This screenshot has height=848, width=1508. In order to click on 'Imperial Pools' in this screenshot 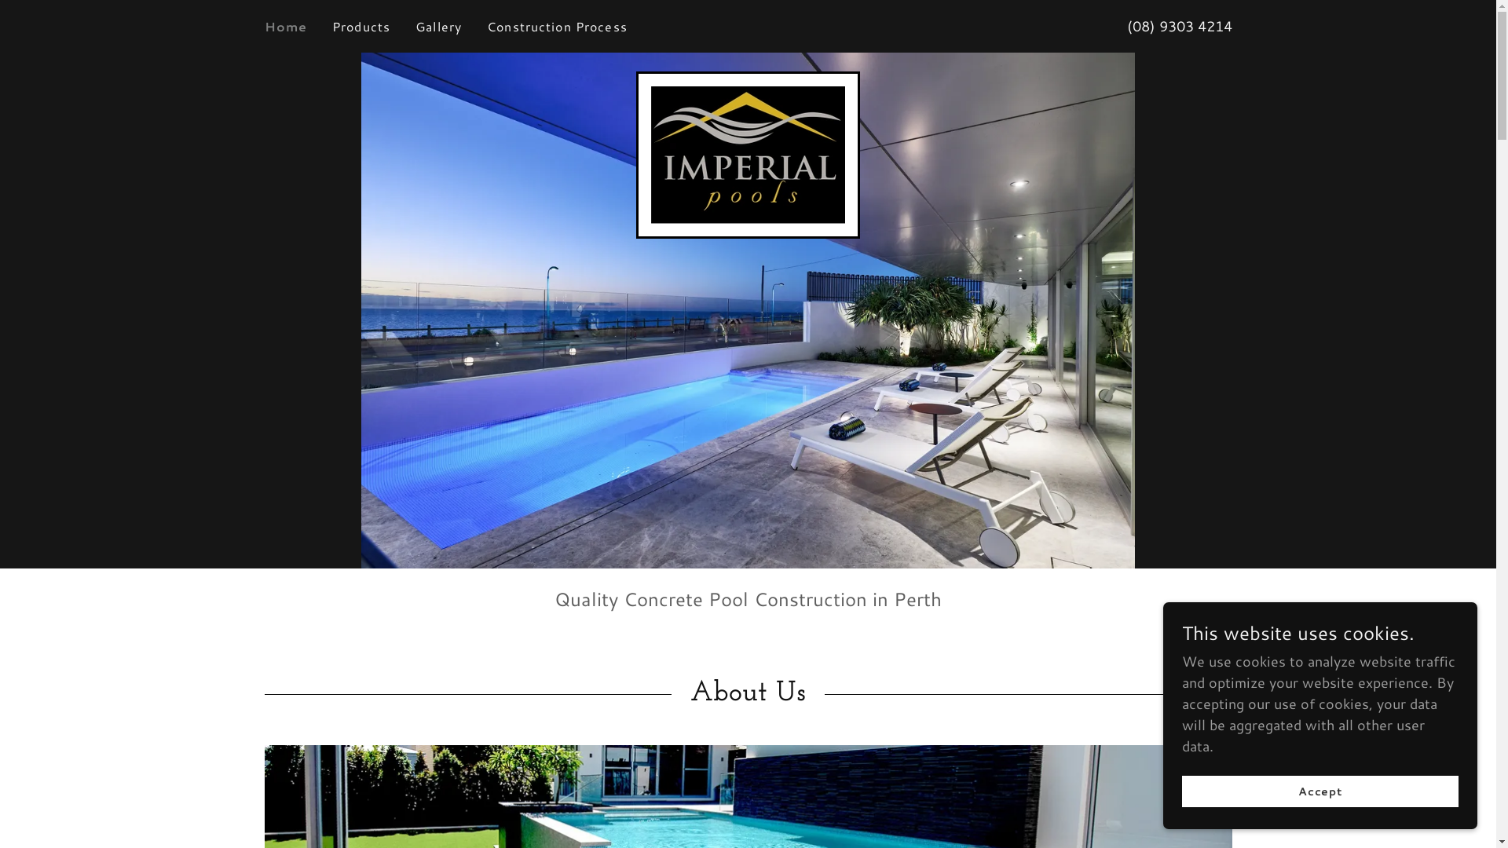, I will do `click(747, 153)`.